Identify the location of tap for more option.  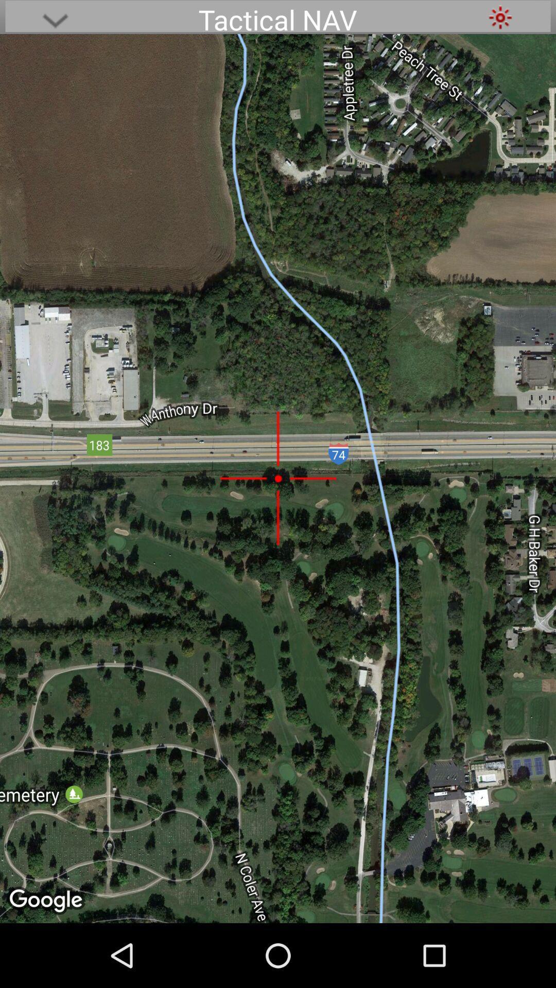
(55, 17).